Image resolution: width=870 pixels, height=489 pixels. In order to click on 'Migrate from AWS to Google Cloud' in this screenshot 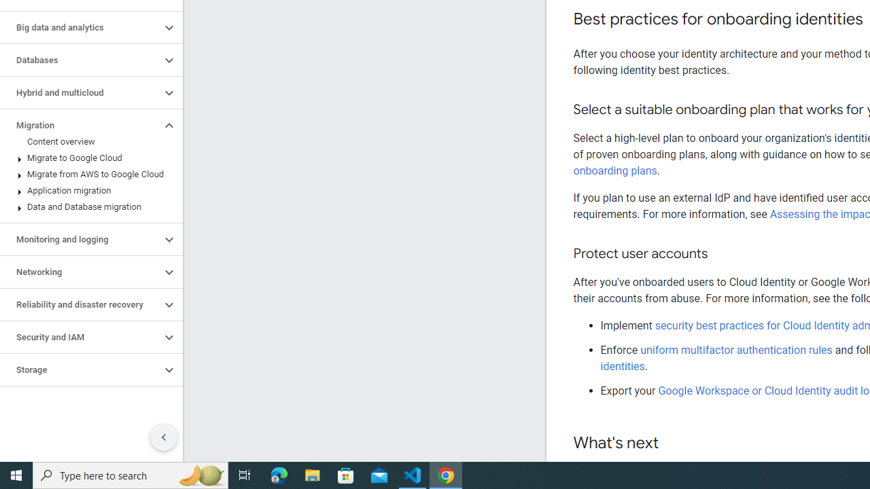, I will do `click(88, 174)`.